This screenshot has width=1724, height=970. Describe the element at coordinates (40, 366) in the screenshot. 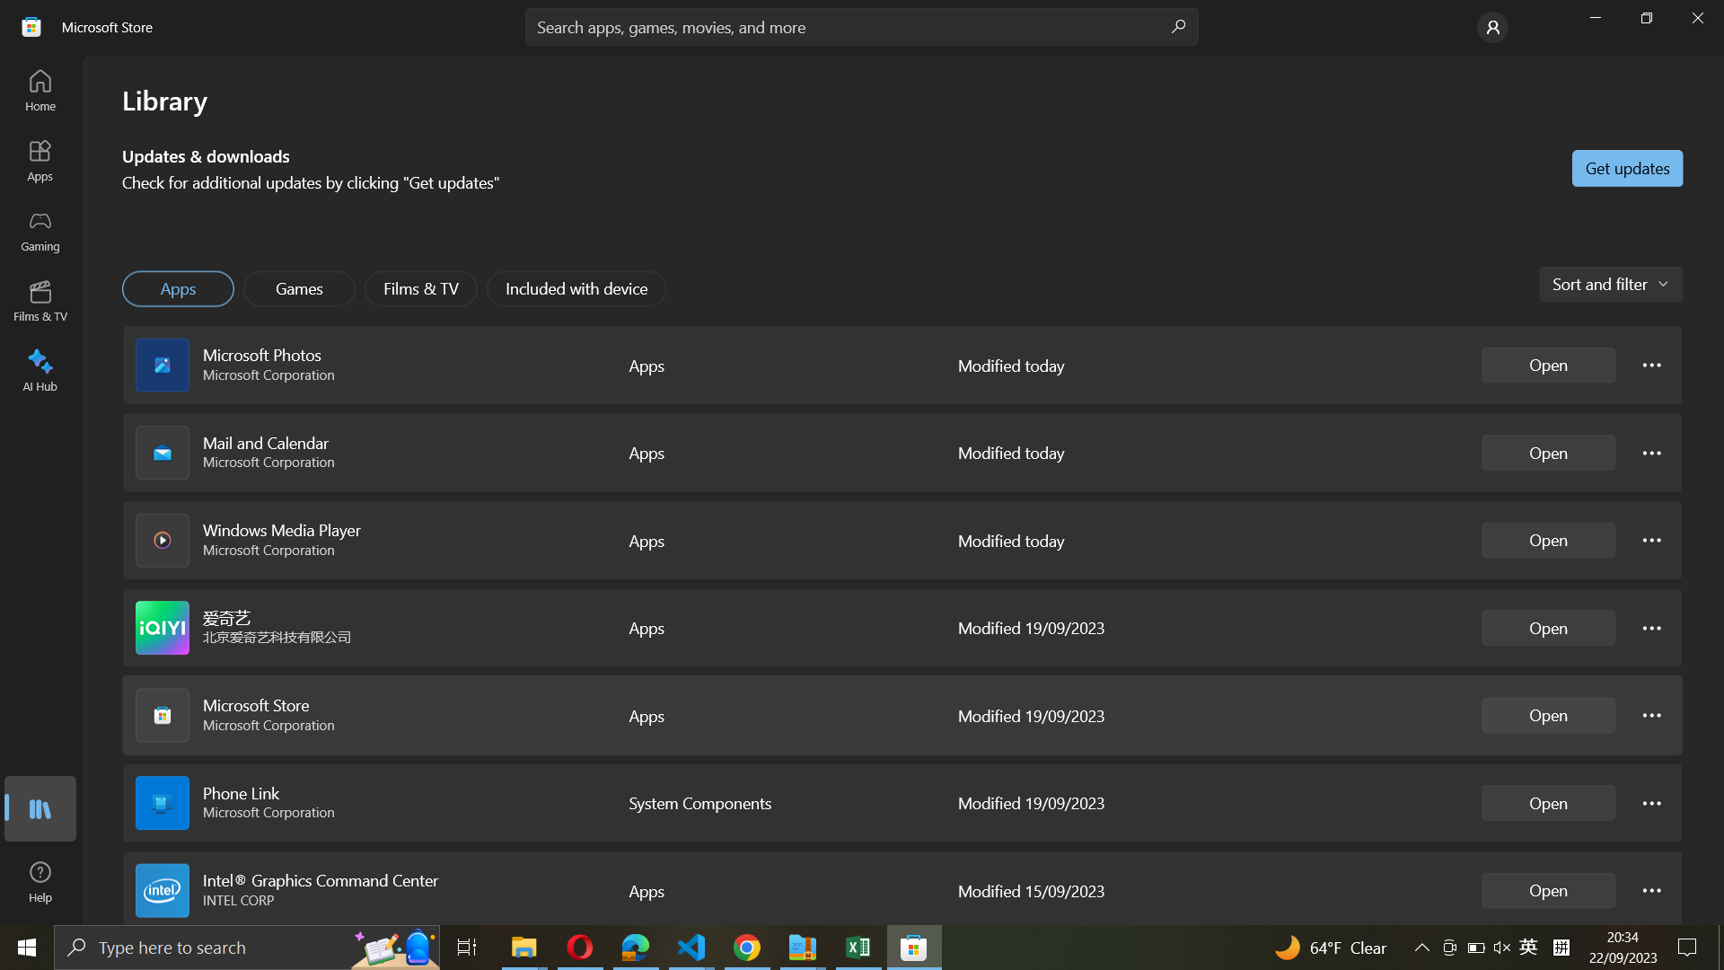

I see `Activate AI Hub button` at that location.